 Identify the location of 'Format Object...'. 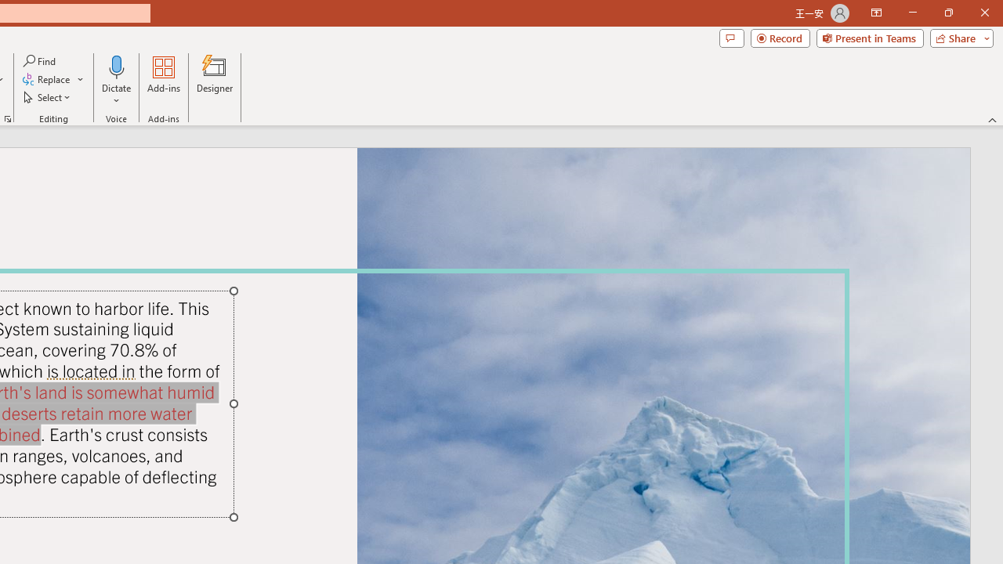
(8, 117).